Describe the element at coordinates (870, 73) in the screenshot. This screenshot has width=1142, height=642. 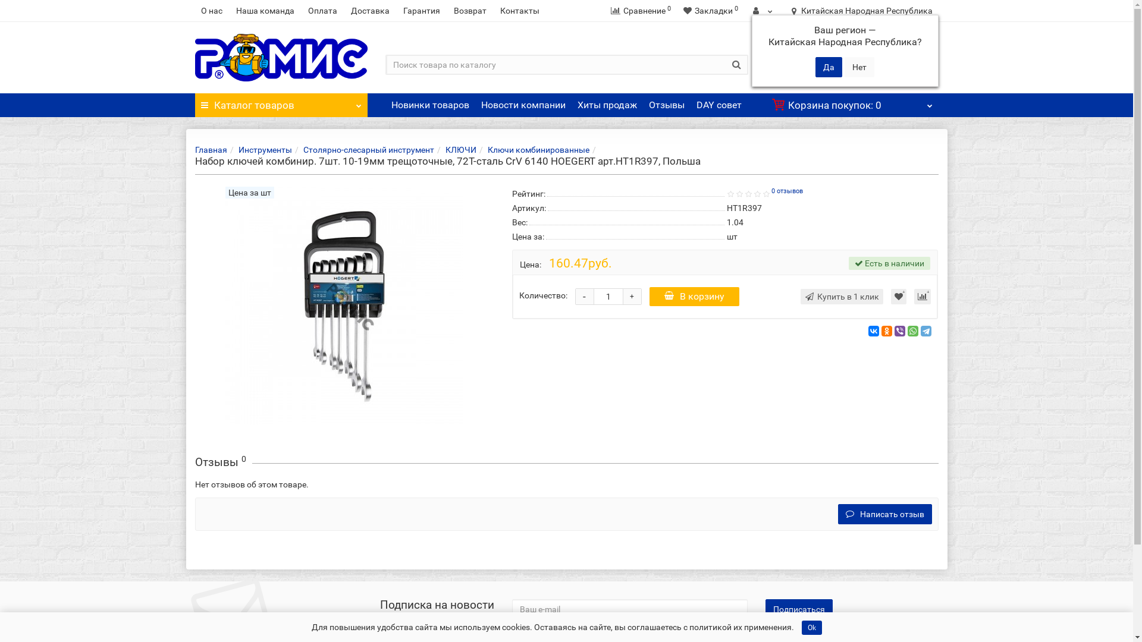
I see `'+375 (29) 764-33-33'` at that location.